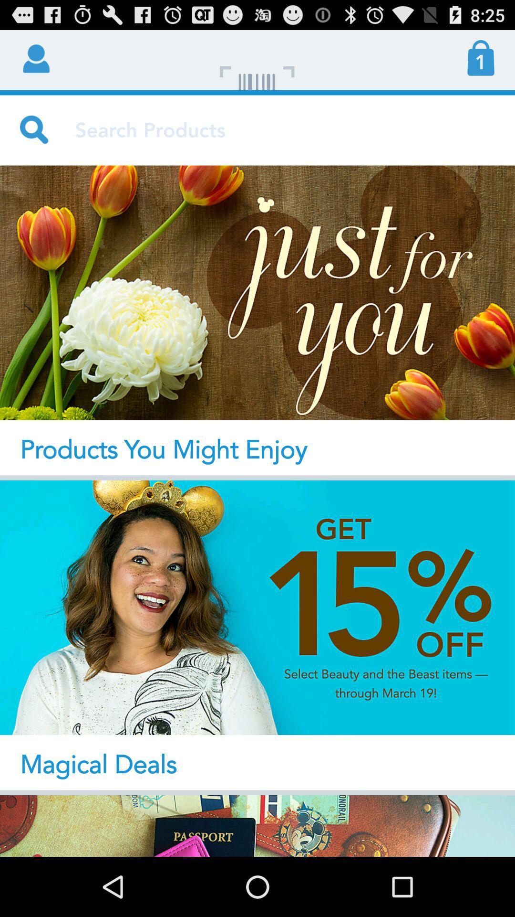  I want to click on the item to the left of 1 icon, so click(257, 59).